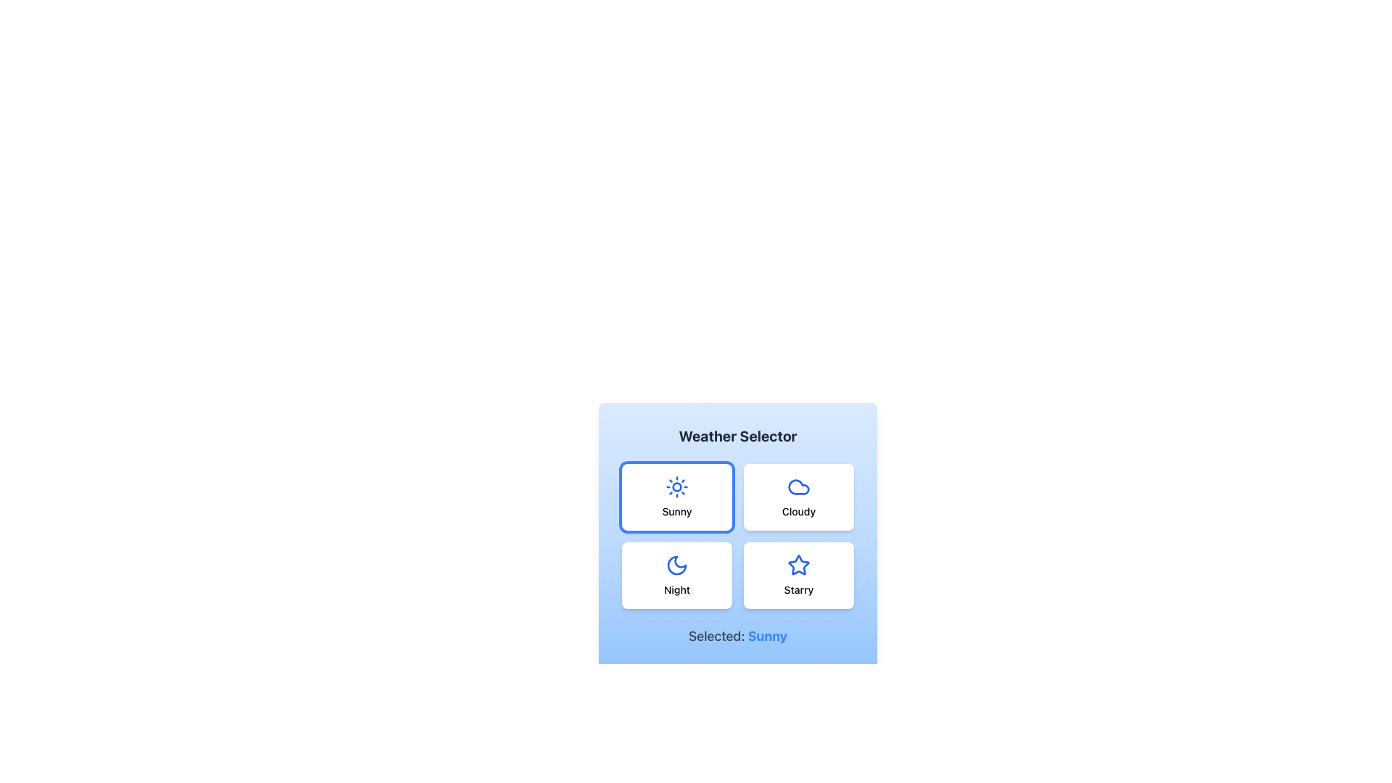 This screenshot has height=783, width=1392. What do you see at coordinates (798, 575) in the screenshot?
I see `the 'Starry' weather condition button located in the bottom-right position of the 2x2 grid` at bounding box center [798, 575].